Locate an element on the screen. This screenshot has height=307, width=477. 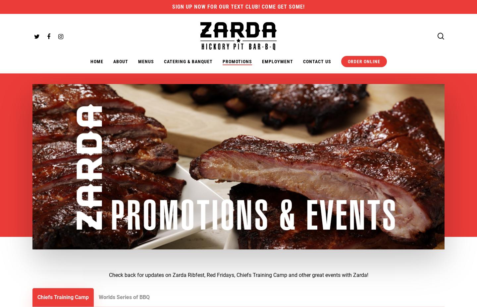
'Home' is located at coordinates (96, 61).